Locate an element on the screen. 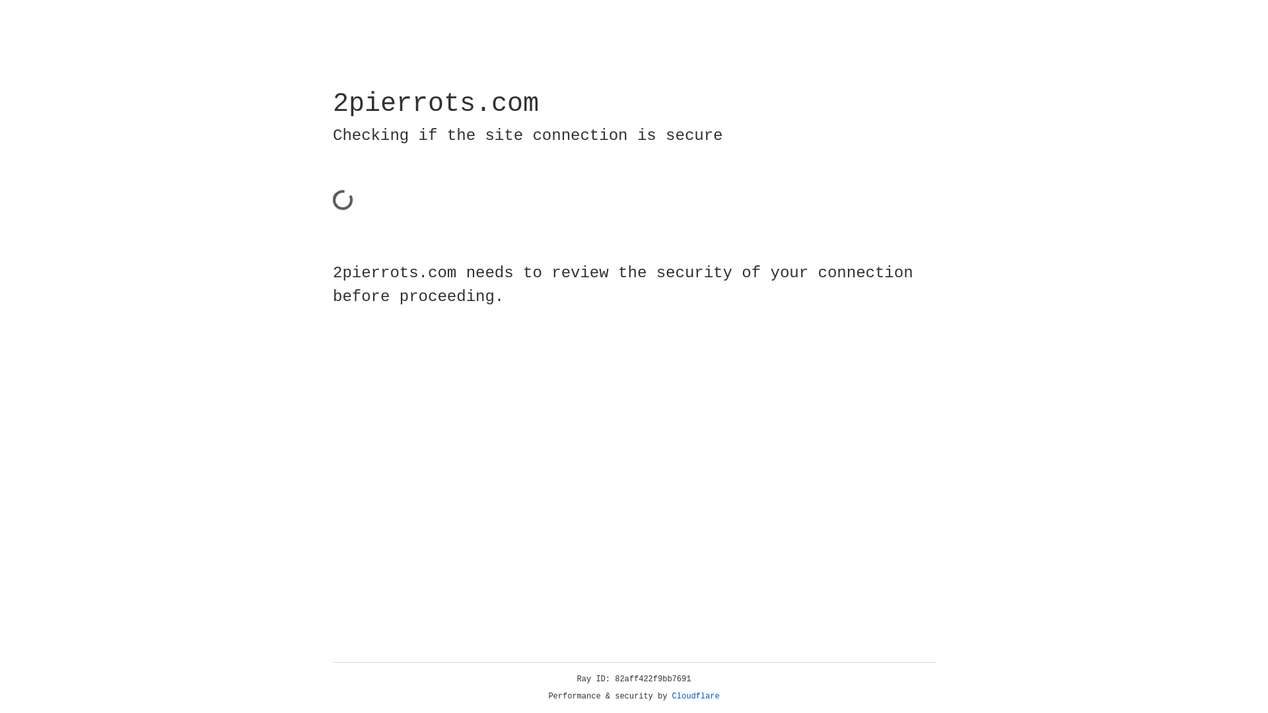 The width and height of the screenshot is (1268, 713). 'Cloudflare' is located at coordinates (695, 696).